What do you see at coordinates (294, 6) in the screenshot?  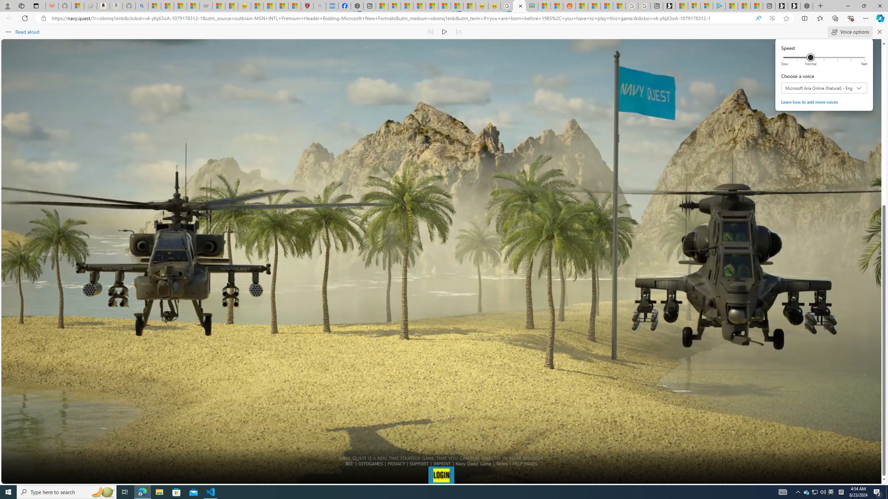 I see `'12 Popular Science Lies that Must be Corrected'` at bounding box center [294, 6].